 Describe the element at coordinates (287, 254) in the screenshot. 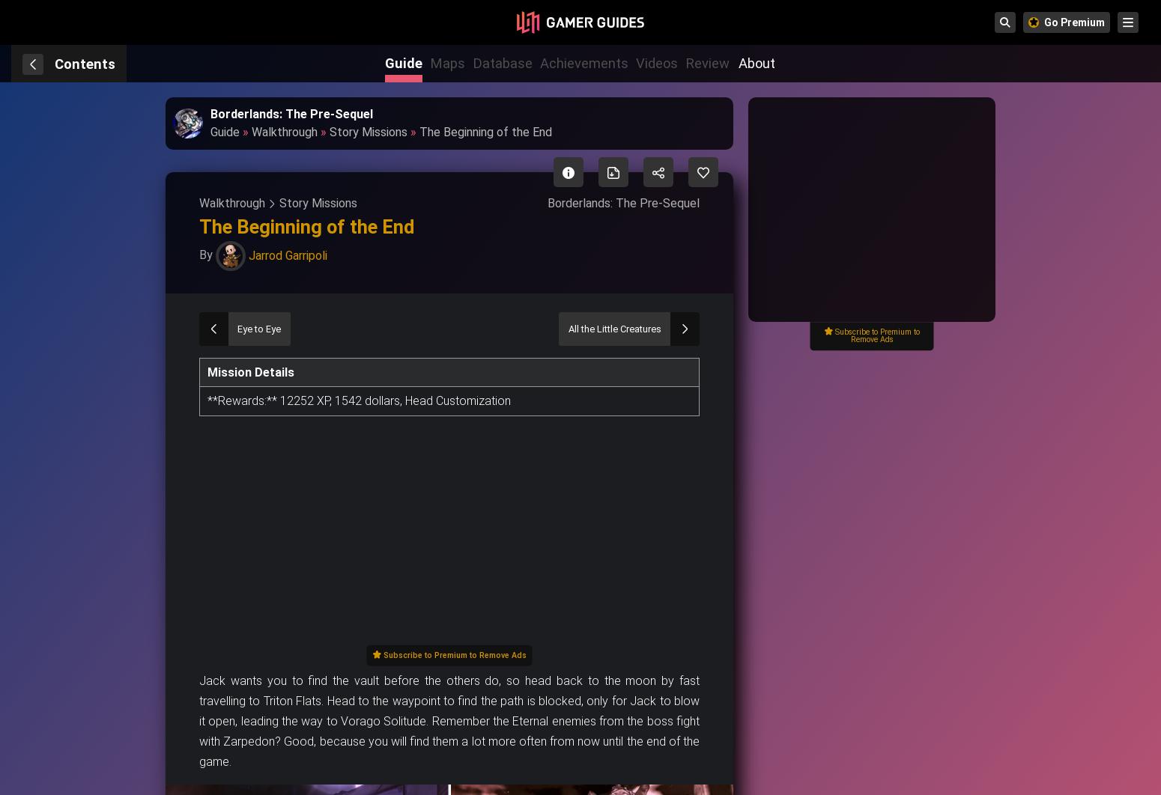

I see `'Jarrod Garripoli'` at that location.